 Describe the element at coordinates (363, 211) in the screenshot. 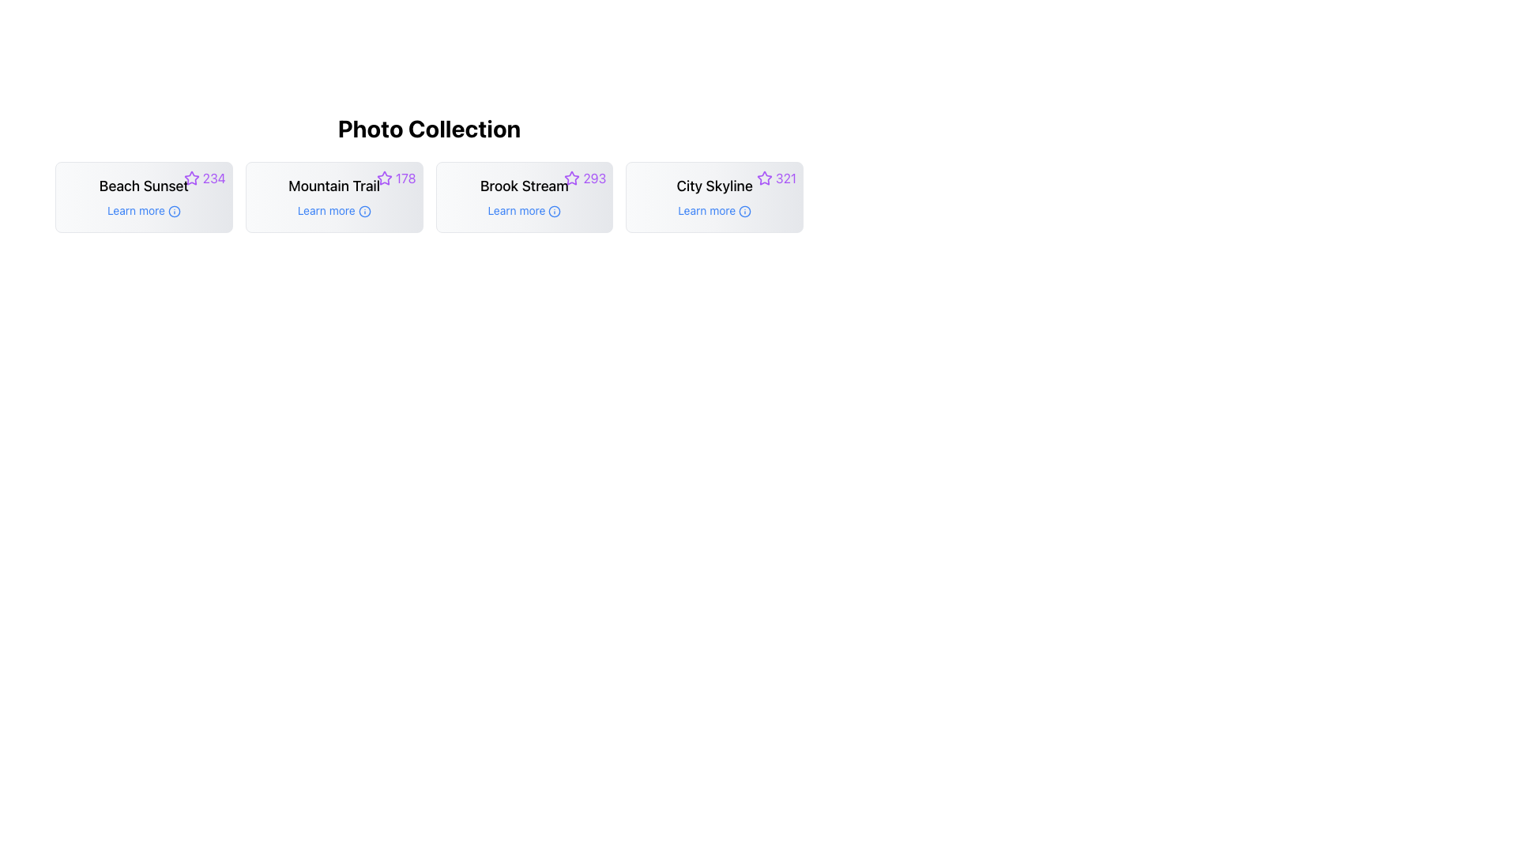

I see `the center circle of the 'i' shaped information icon located below the title 'Mountain Trail' in the second column of the photo collection grid` at that location.